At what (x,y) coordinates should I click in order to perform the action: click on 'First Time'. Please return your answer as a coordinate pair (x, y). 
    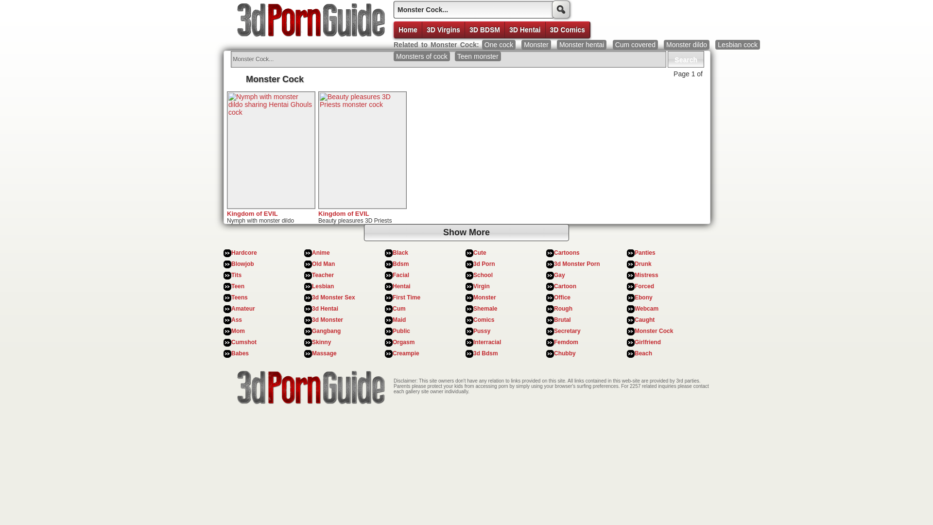
    Looking at the image, I should click on (406, 297).